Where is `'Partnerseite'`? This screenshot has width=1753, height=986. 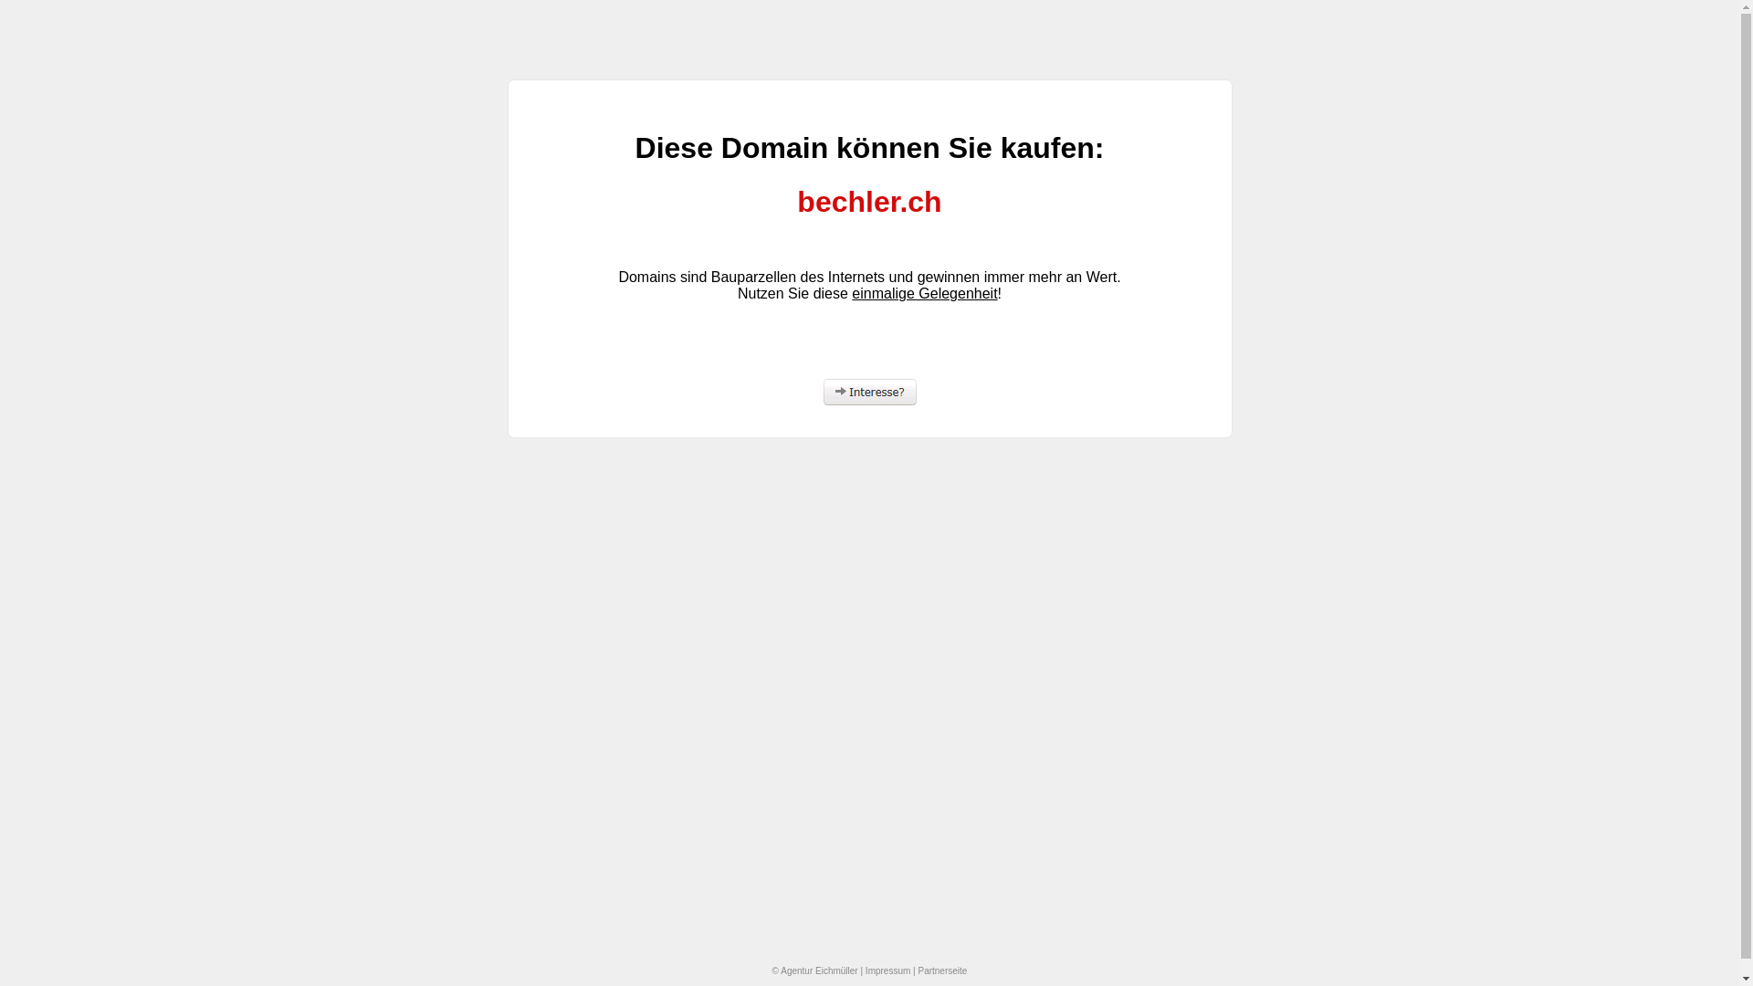
'Partnerseite' is located at coordinates (942, 970).